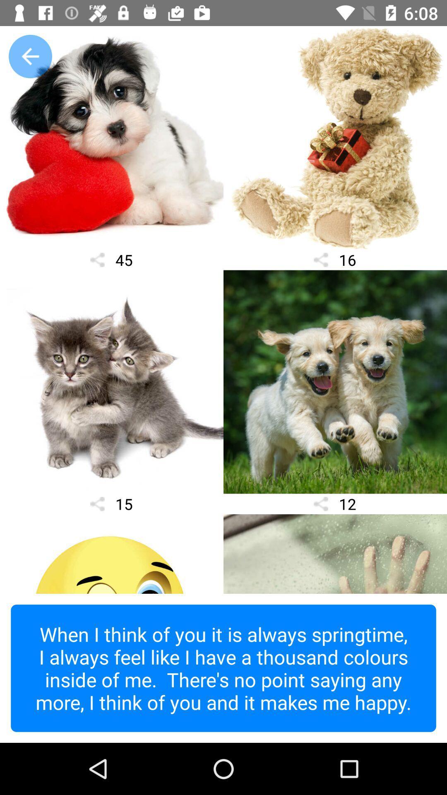  Describe the element at coordinates (30, 56) in the screenshot. I see `go back` at that location.